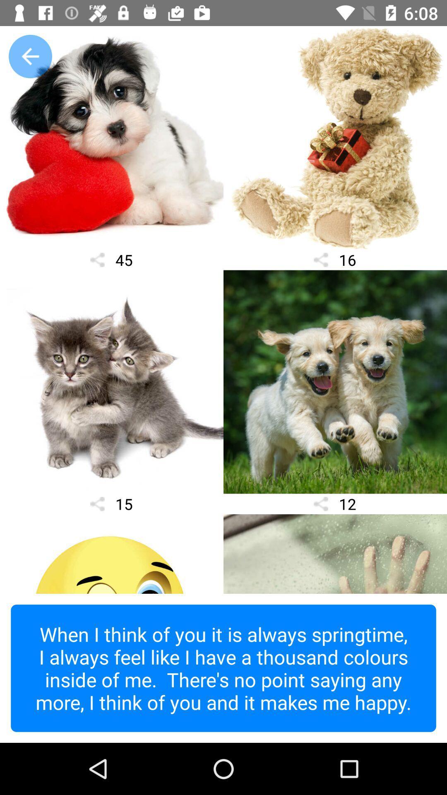  Describe the element at coordinates (30, 56) in the screenshot. I see `go back` at that location.